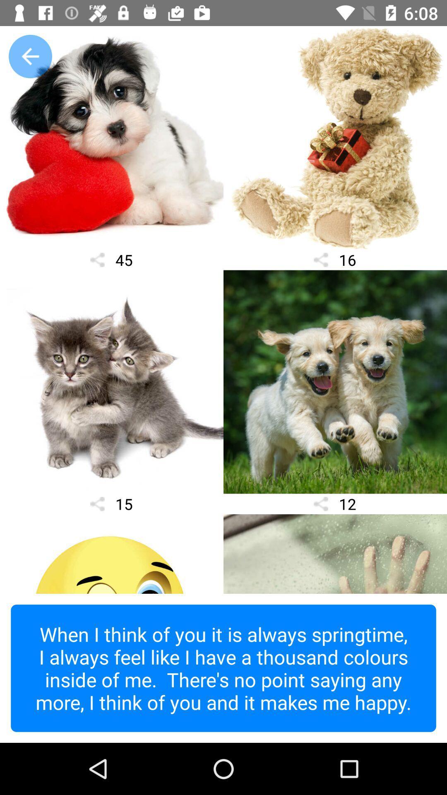  Describe the element at coordinates (30, 56) in the screenshot. I see `go back` at that location.